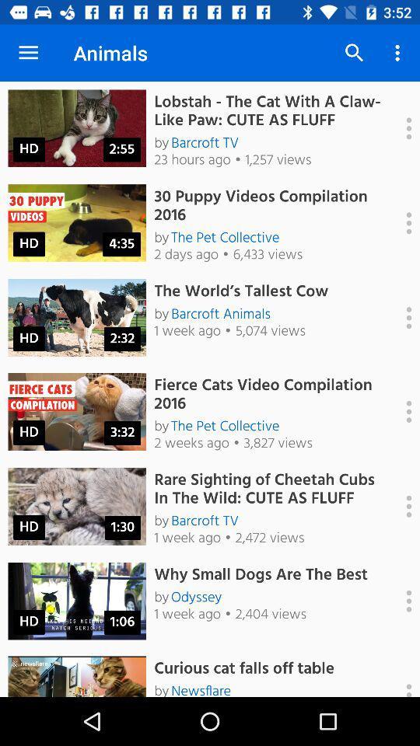 The height and width of the screenshot is (746, 420). I want to click on check video settings info, so click(401, 222).